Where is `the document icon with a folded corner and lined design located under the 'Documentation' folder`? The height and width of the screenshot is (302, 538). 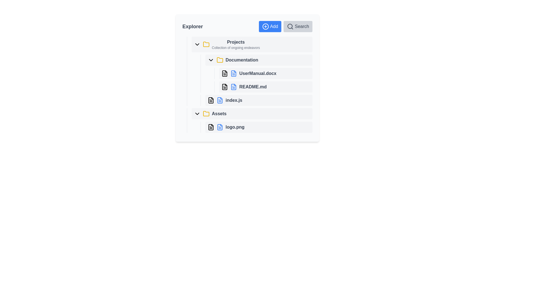 the document icon with a folded corner and lined design located under the 'Documentation' folder is located at coordinates (224, 87).